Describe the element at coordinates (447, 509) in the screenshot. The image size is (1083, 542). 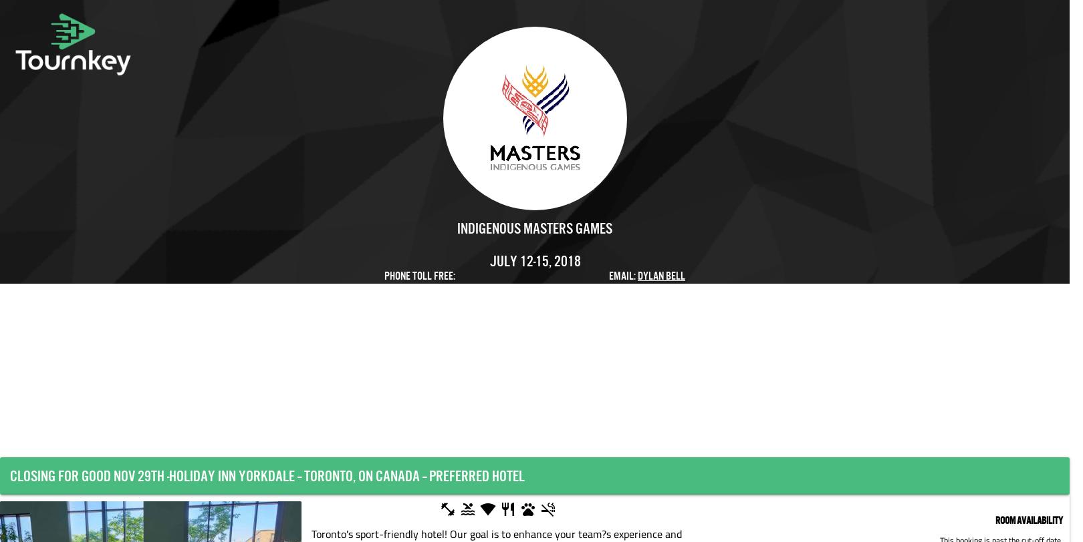
I see `'fitness_center'` at that location.